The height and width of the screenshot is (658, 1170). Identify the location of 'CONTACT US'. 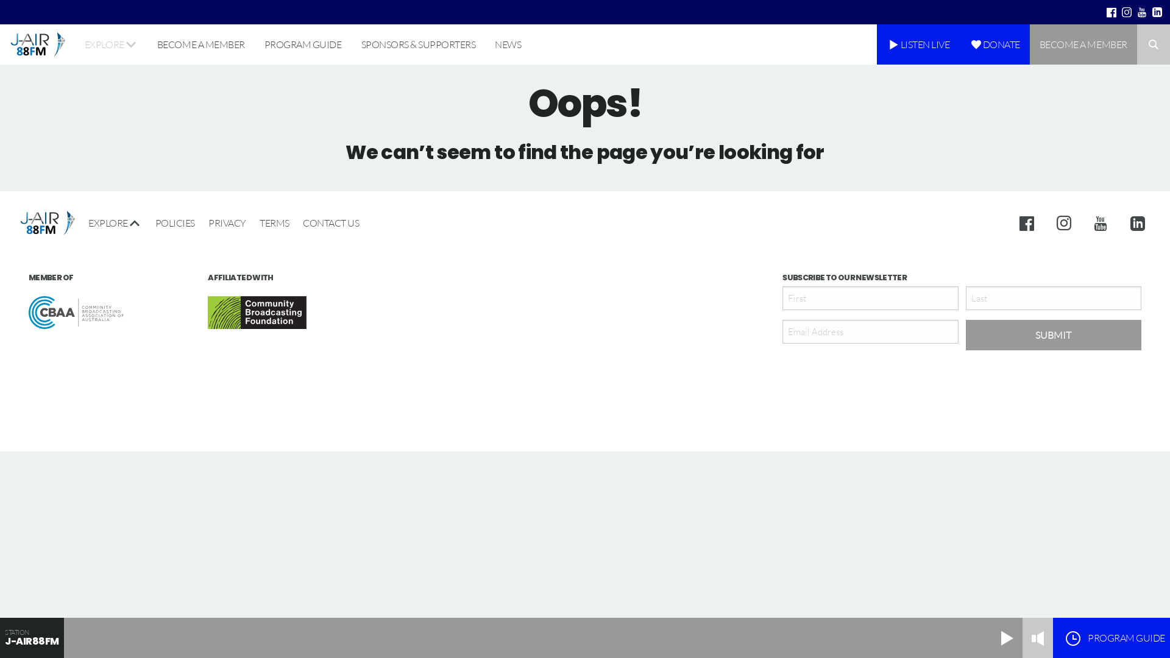
(296, 223).